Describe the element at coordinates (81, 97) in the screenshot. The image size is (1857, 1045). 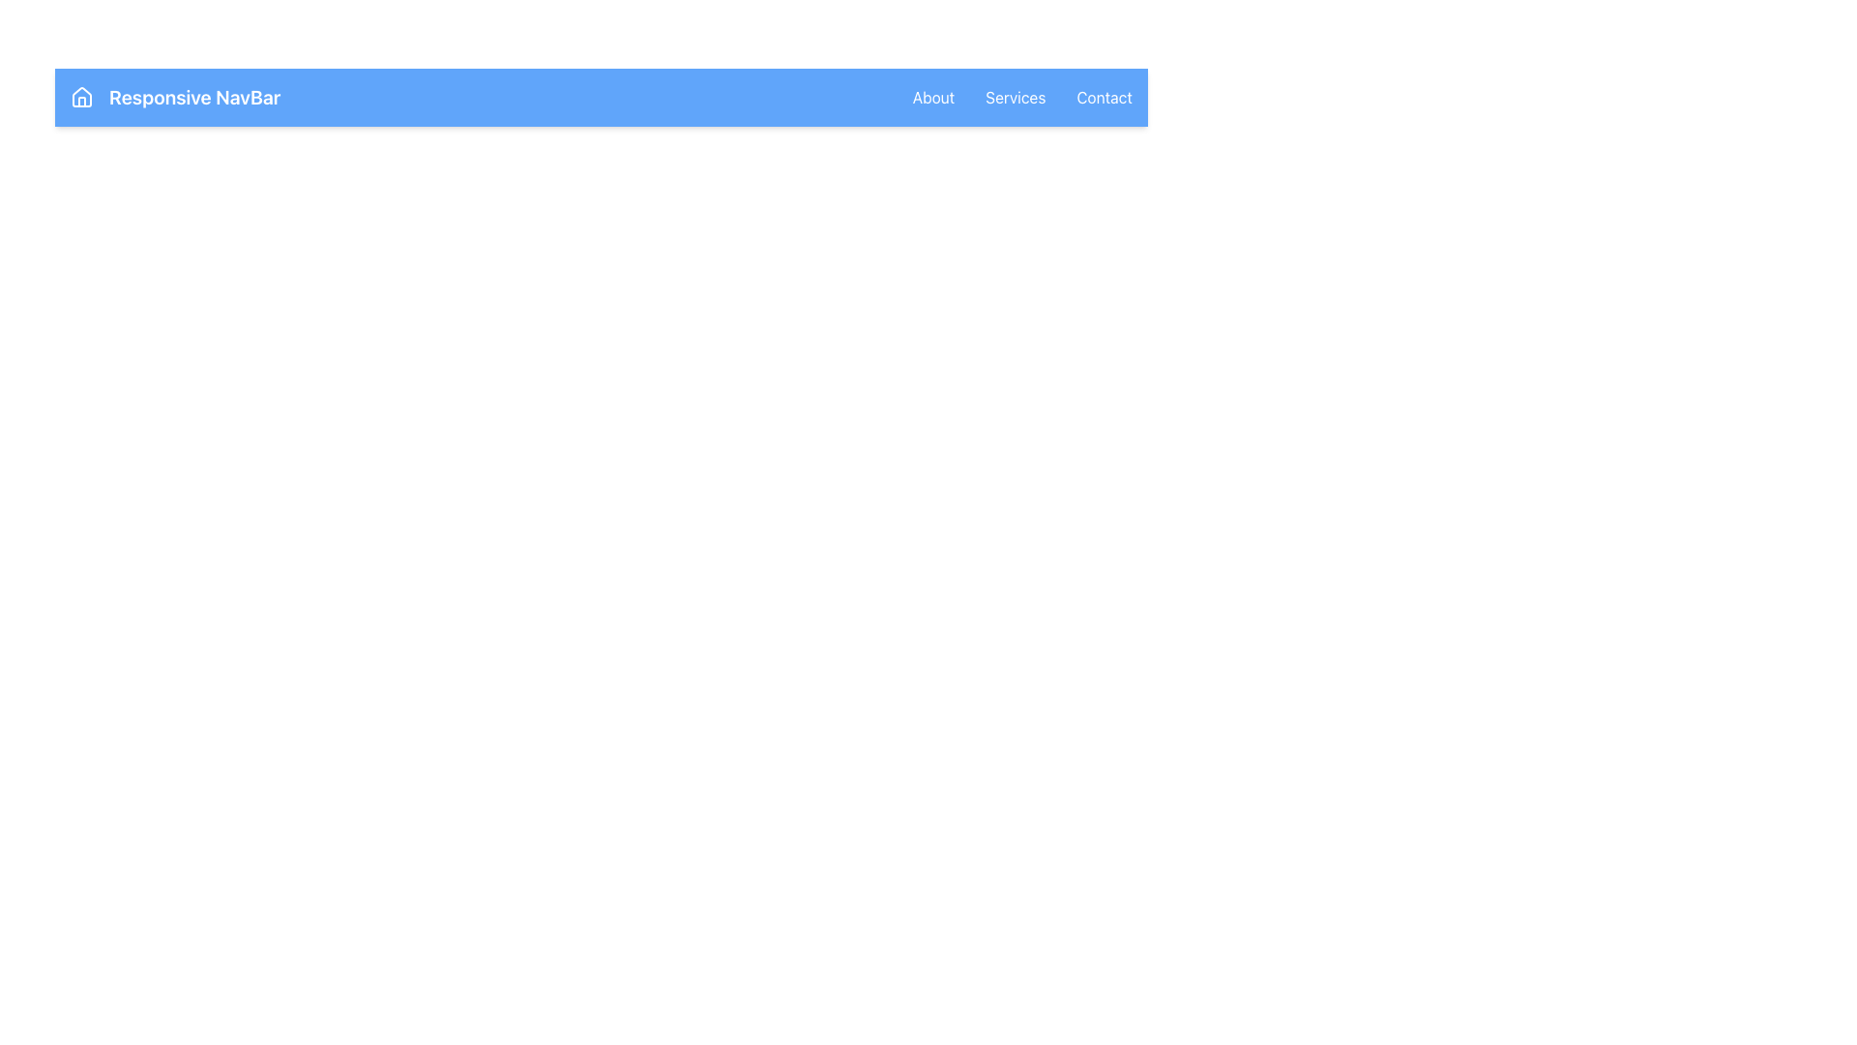
I see `the stylized house icon located in the leftmost position of the navigation bar, adjacent to the 'Responsive NavBar' text` at that location.